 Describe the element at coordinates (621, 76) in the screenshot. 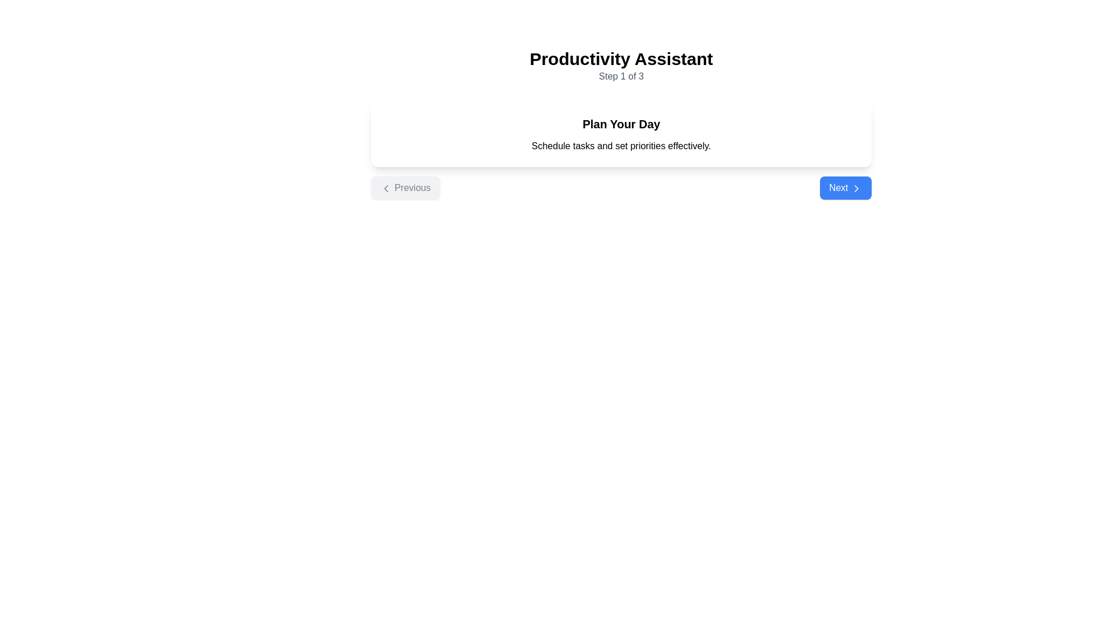

I see `the text component displaying 'Step 1 of 3', which is centered below the 'Productivity Assistant' header and indicates progress in a multi-step process` at that location.